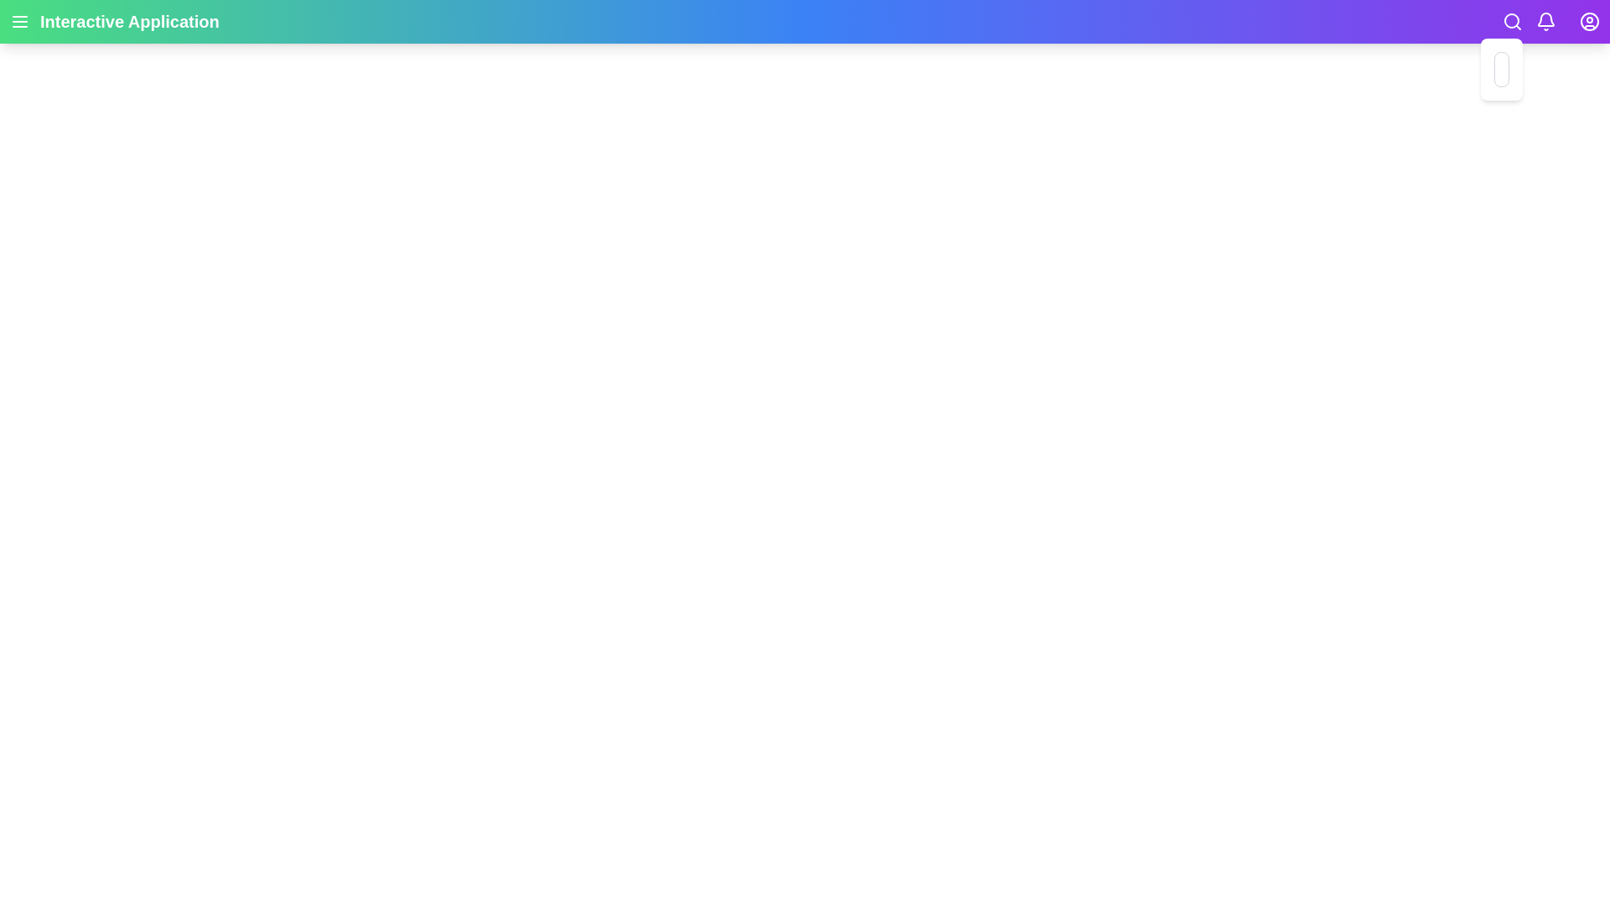 The image size is (1610, 906). Describe the element at coordinates (1513, 22) in the screenshot. I see `the search icon to open the search input field` at that location.